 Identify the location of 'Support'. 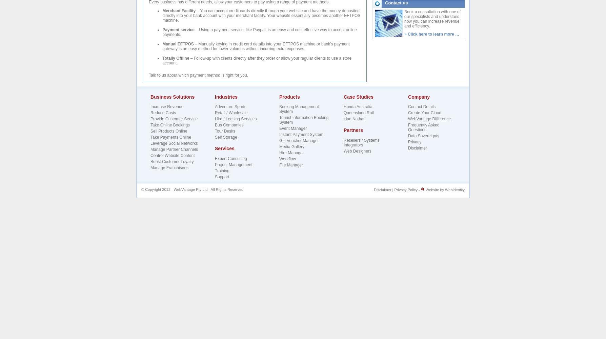
(222, 177).